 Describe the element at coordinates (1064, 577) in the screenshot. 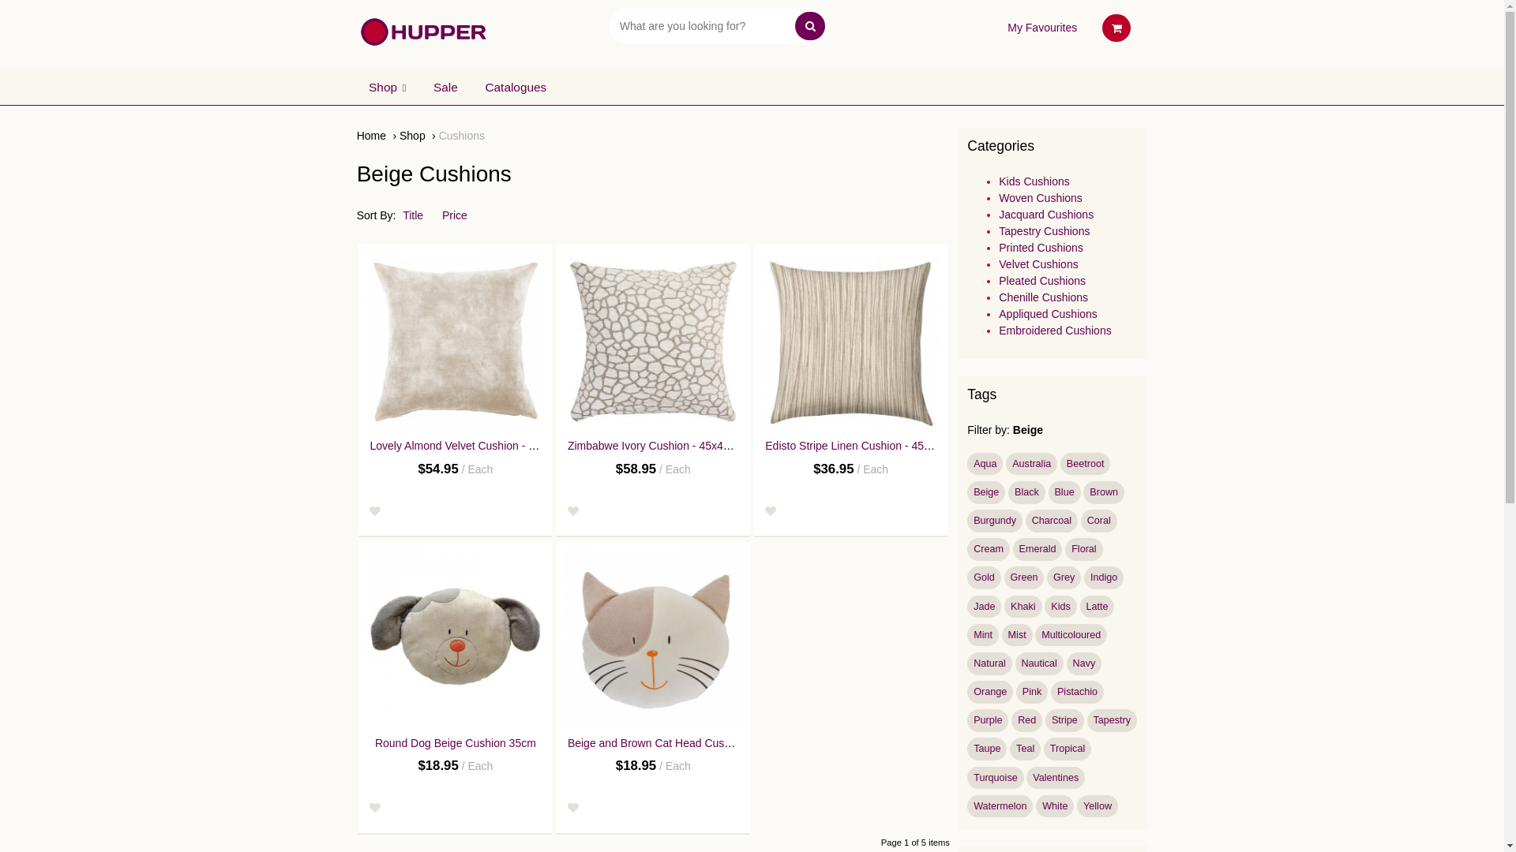

I see `'Grey'` at that location.